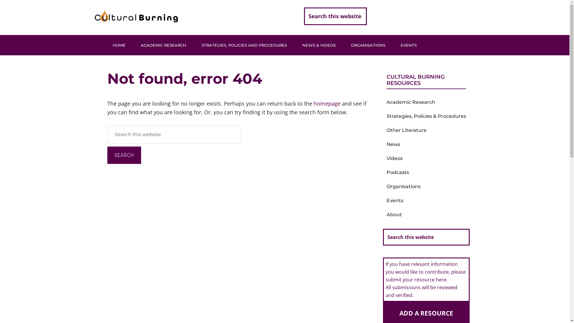  Describe the element at coordinates (386, 214) in the screenshot. I see `'About'` at that location.